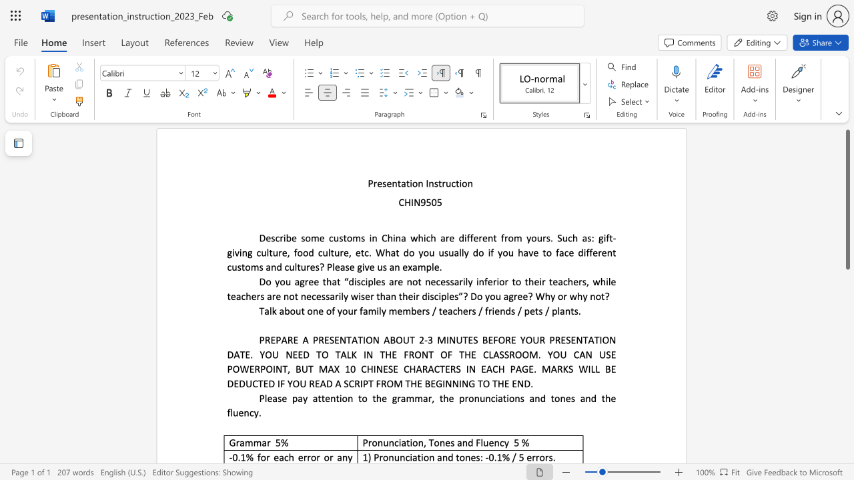 The width and height of the screenshot is (854, 480). What do you see at coordinates (847, 199) in the screenshot?
I see `the scrollbar and move up 10 pixels` at bounding box center [847, 199].